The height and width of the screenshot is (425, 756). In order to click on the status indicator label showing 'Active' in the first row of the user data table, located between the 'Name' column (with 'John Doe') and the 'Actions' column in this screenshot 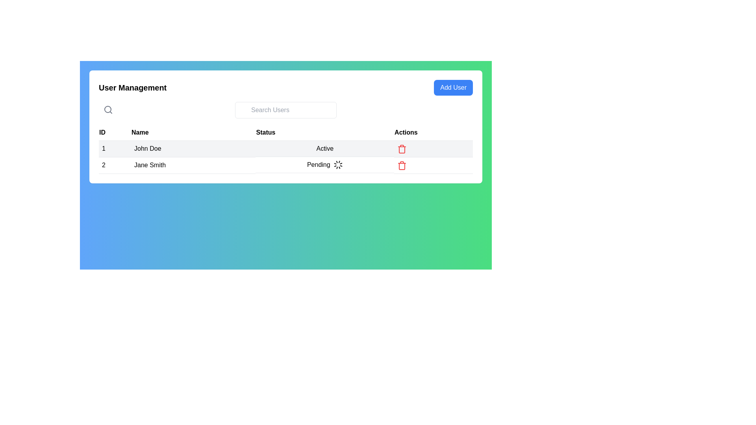, I will do `click(325, 149)`.